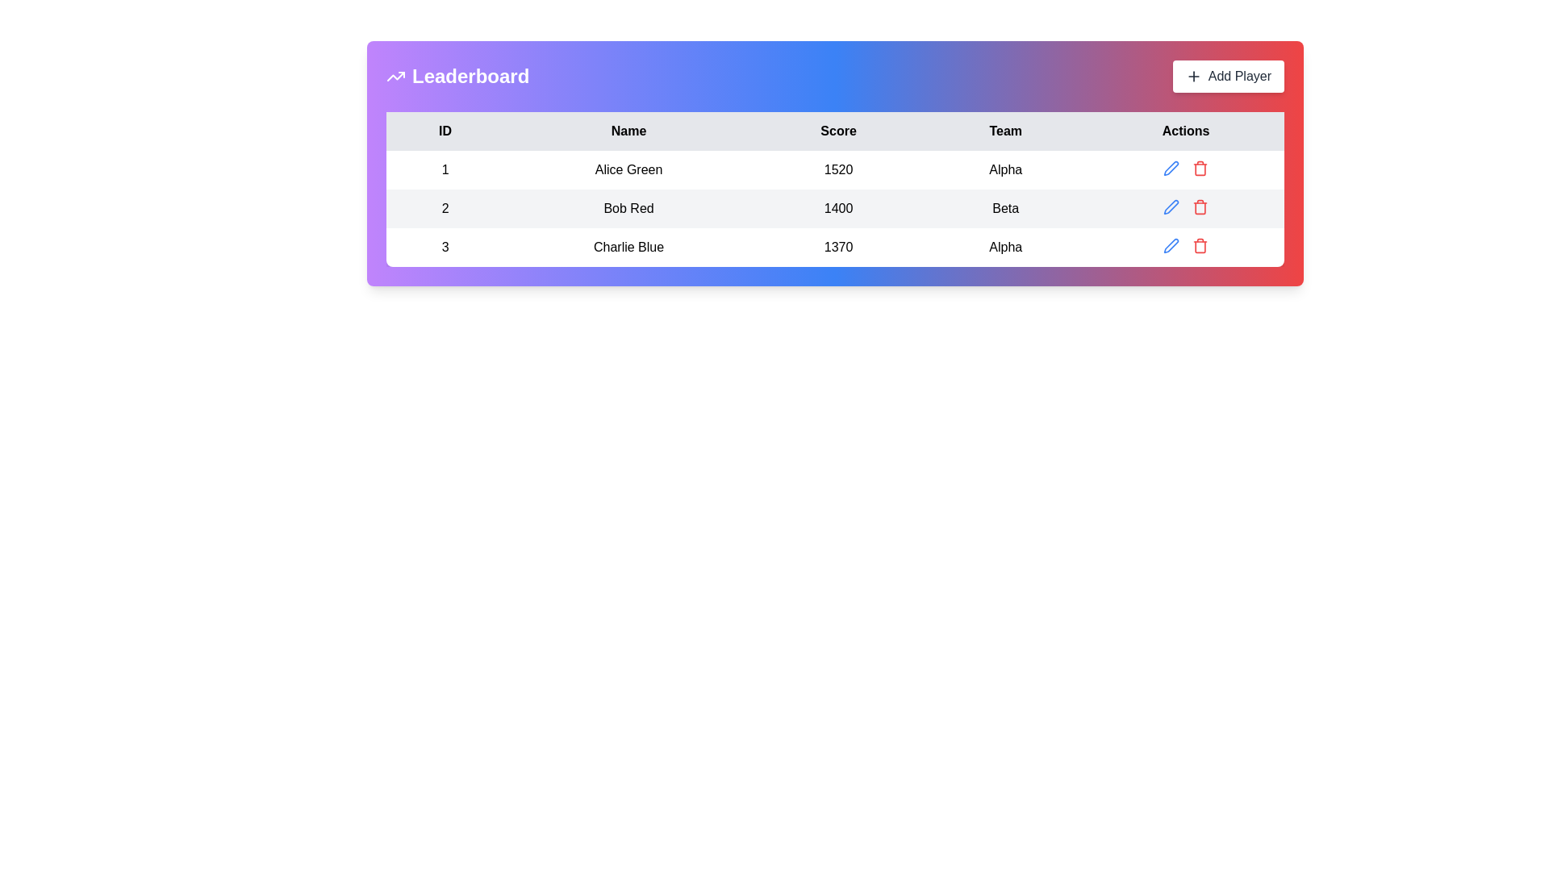 This screenshot has height=871, width=1549. I want to click on the edit button located in the 'Actions' column of the second row in the leaderboard table to change its color, so click(1171, 206).